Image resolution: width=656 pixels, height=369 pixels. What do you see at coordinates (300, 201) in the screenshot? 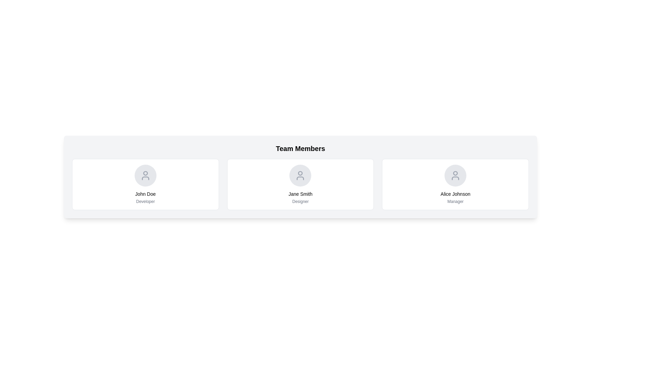
I see `the text label indicating the role or position of 'Jane Smith' within the team, located in the bottom of the middle column card` at bounding box center [300, 201].